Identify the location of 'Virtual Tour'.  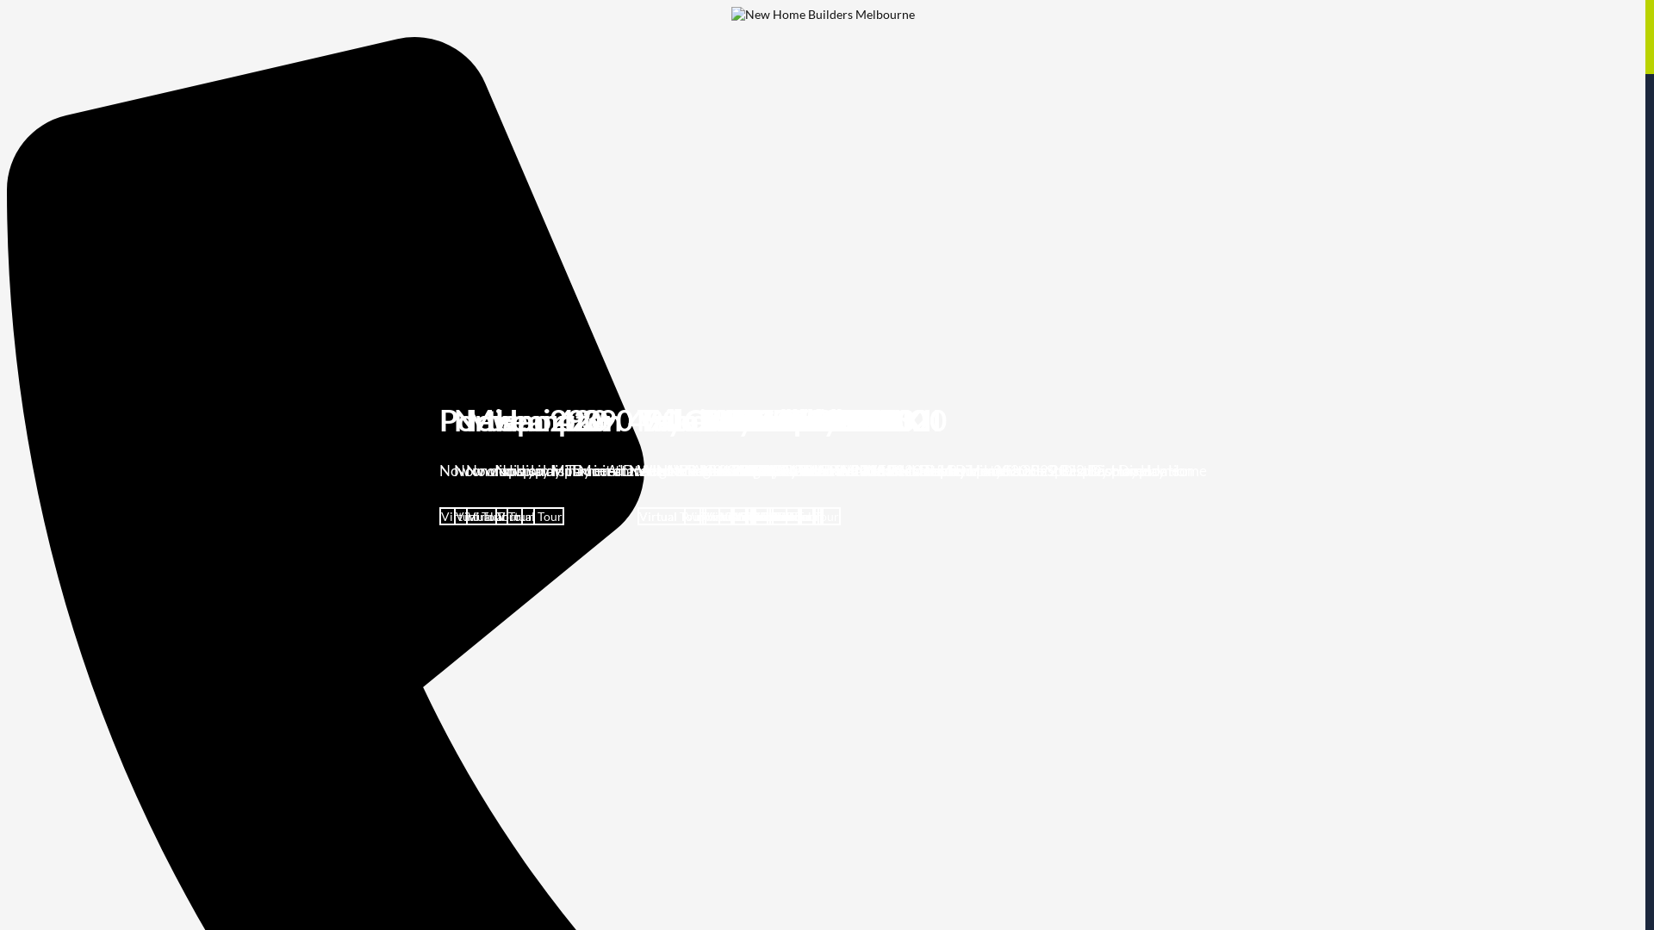
(744, 515).